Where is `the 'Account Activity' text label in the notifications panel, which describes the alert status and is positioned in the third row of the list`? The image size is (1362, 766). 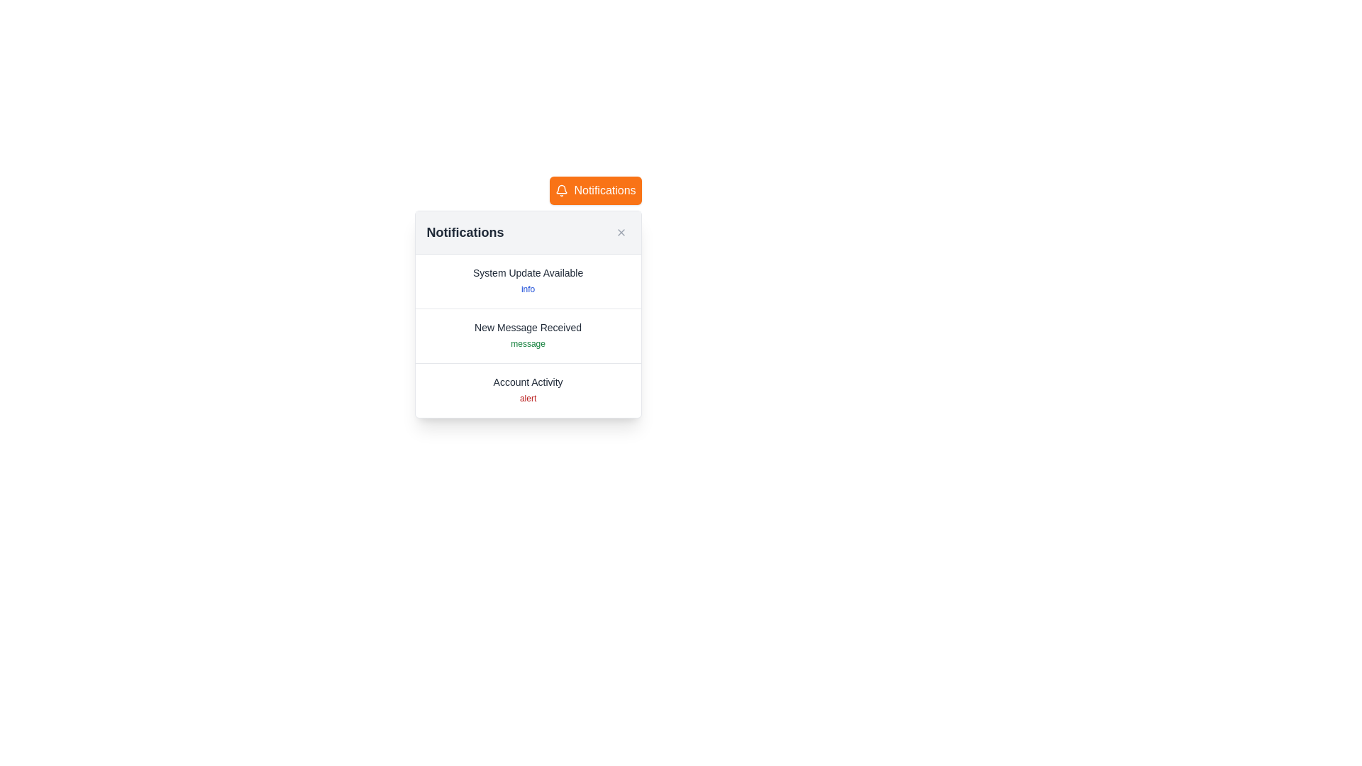
the 'Account Activity' text label in the notifications panel, which describes the alert status and is positioned in the third row of the list is located at coordinates (527, 382).